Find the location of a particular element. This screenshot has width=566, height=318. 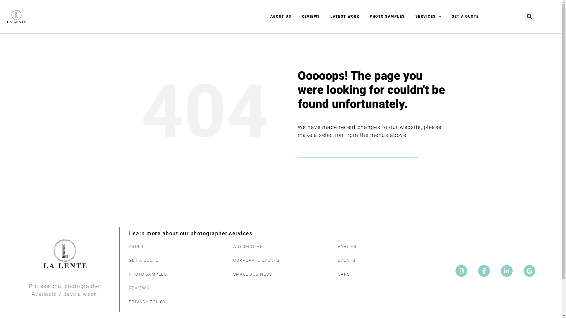

'LATEST WORK' is located at coordinates (345, 16).